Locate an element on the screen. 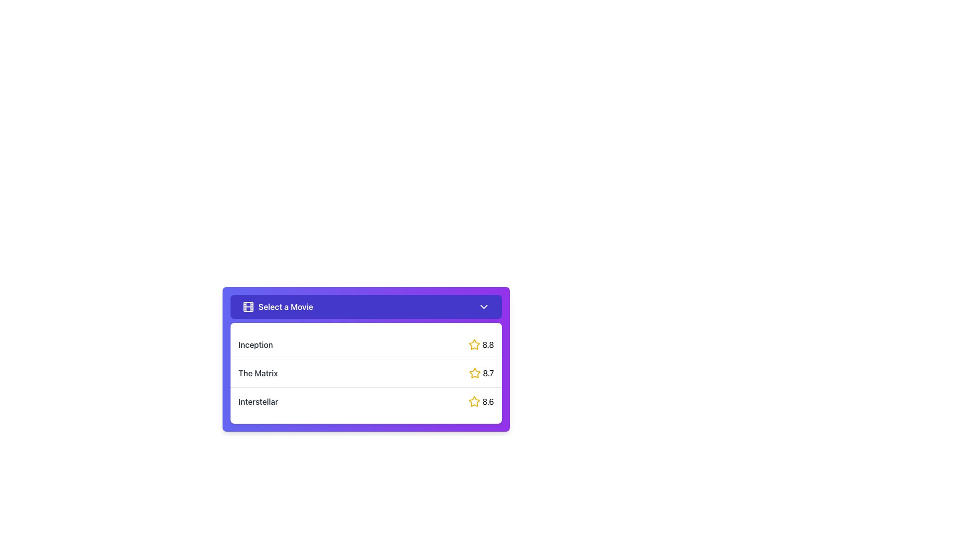  on the second list item displaying information about the movie 'The Matrix' within the dropdown-like widget is located at coordinates (366, 373).